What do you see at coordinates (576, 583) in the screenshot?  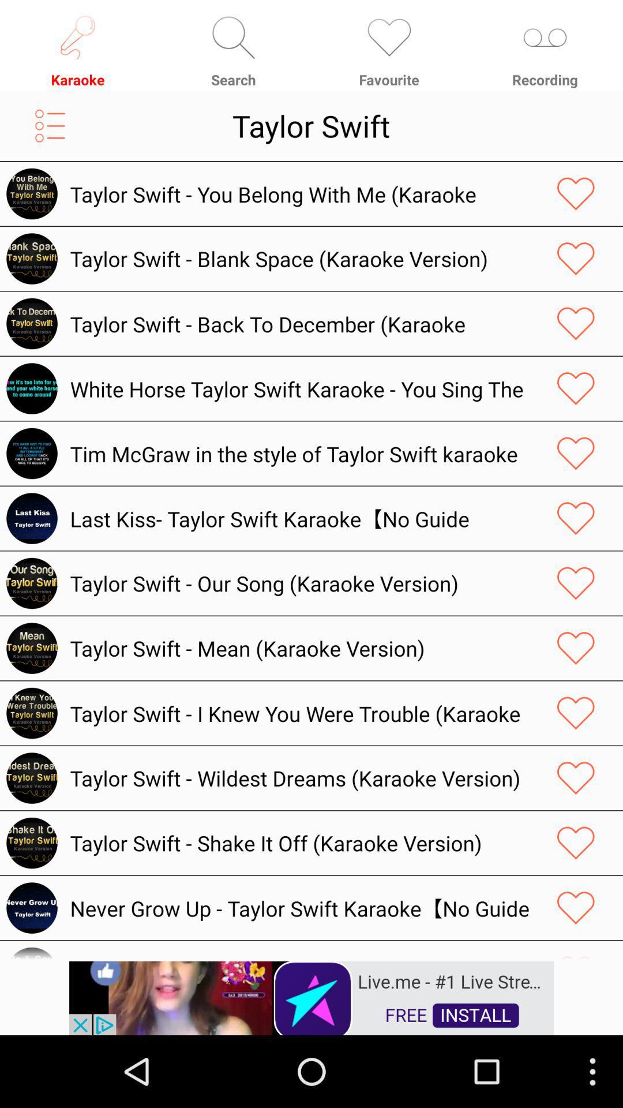 I see `like` at bounding box center [576, 583].